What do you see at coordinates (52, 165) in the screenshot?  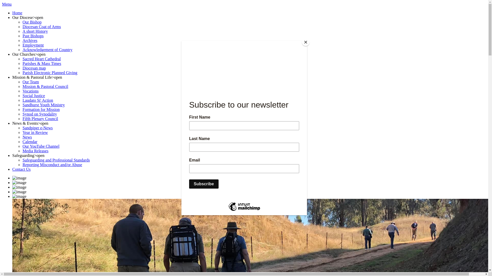 I see `'Reporting Misconduct and/or Abuse'` at bounding box center [52, 165].